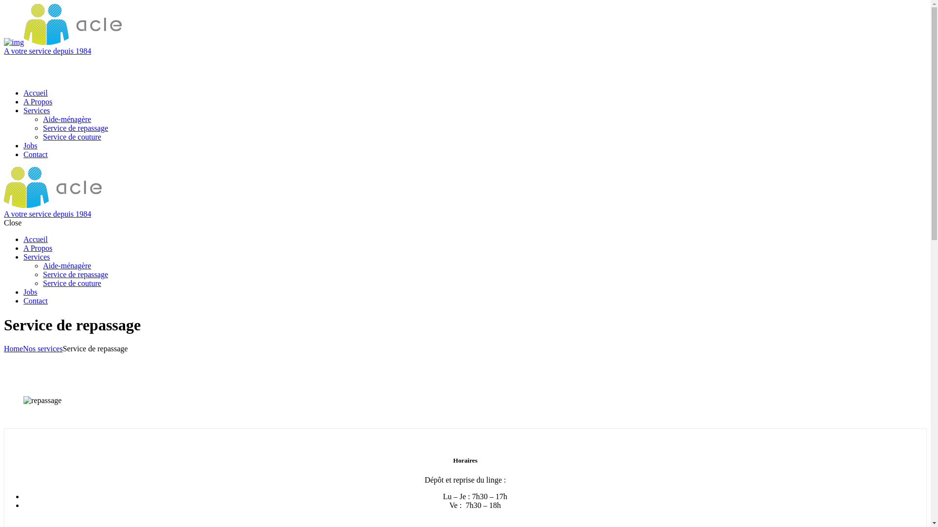 The width and height of the screenshot is (938, 527). I want to click on 'Service de repassage', so click(75, 127).